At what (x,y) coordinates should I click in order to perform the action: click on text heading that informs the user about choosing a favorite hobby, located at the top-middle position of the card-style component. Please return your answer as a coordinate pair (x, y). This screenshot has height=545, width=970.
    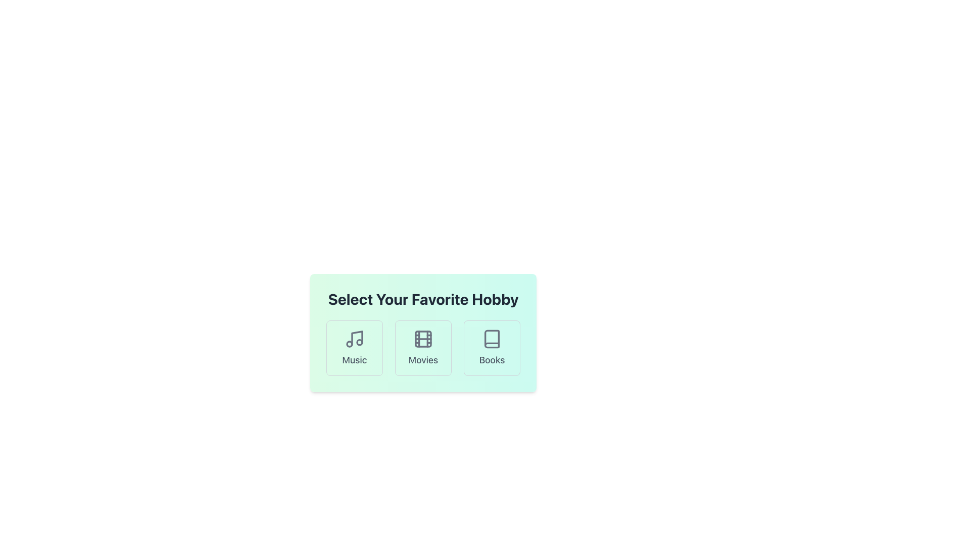
    Looking at the image, I should click on (423, 299).